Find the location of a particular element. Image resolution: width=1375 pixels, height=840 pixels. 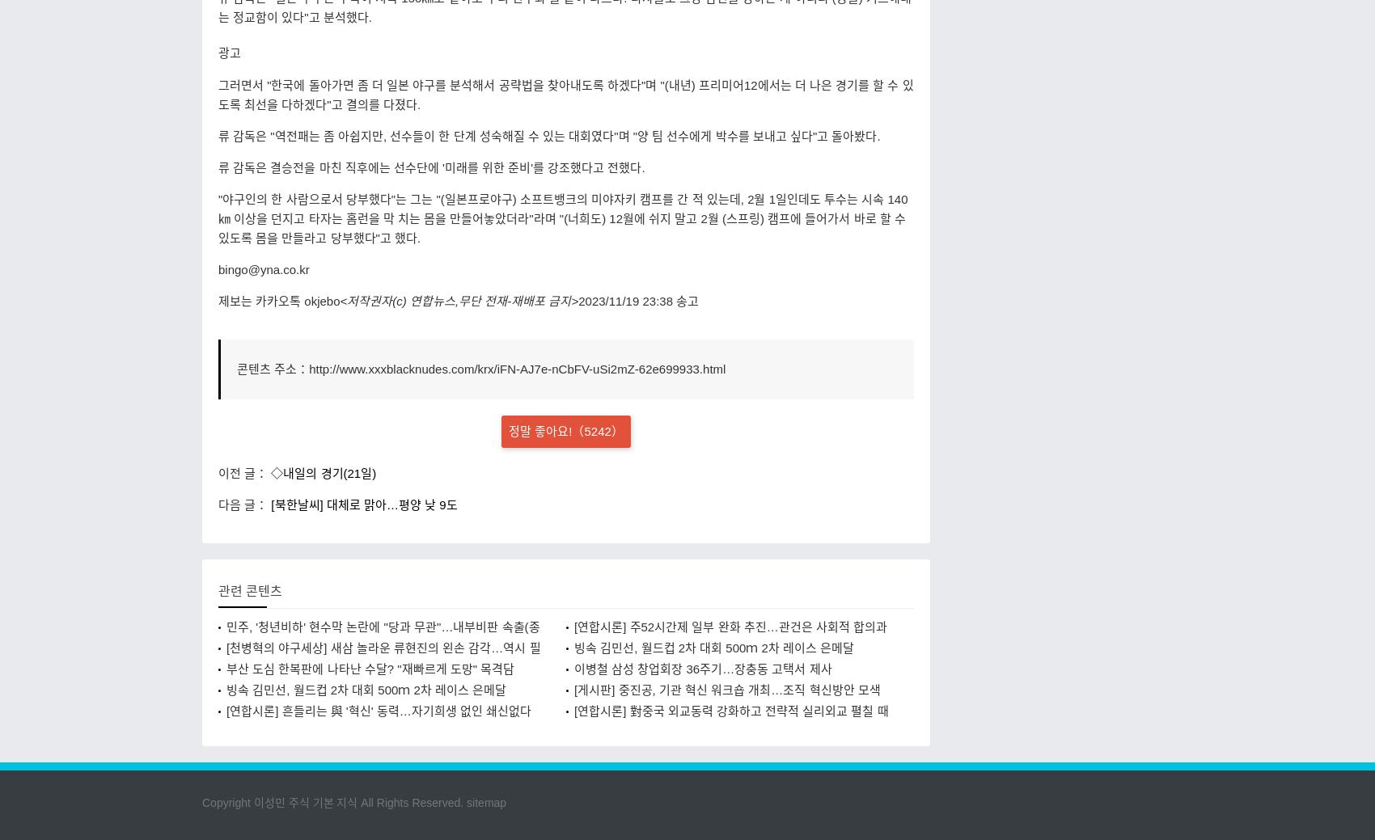

'◇내일의 경기(21일)' is located at coordinates (323, 472).